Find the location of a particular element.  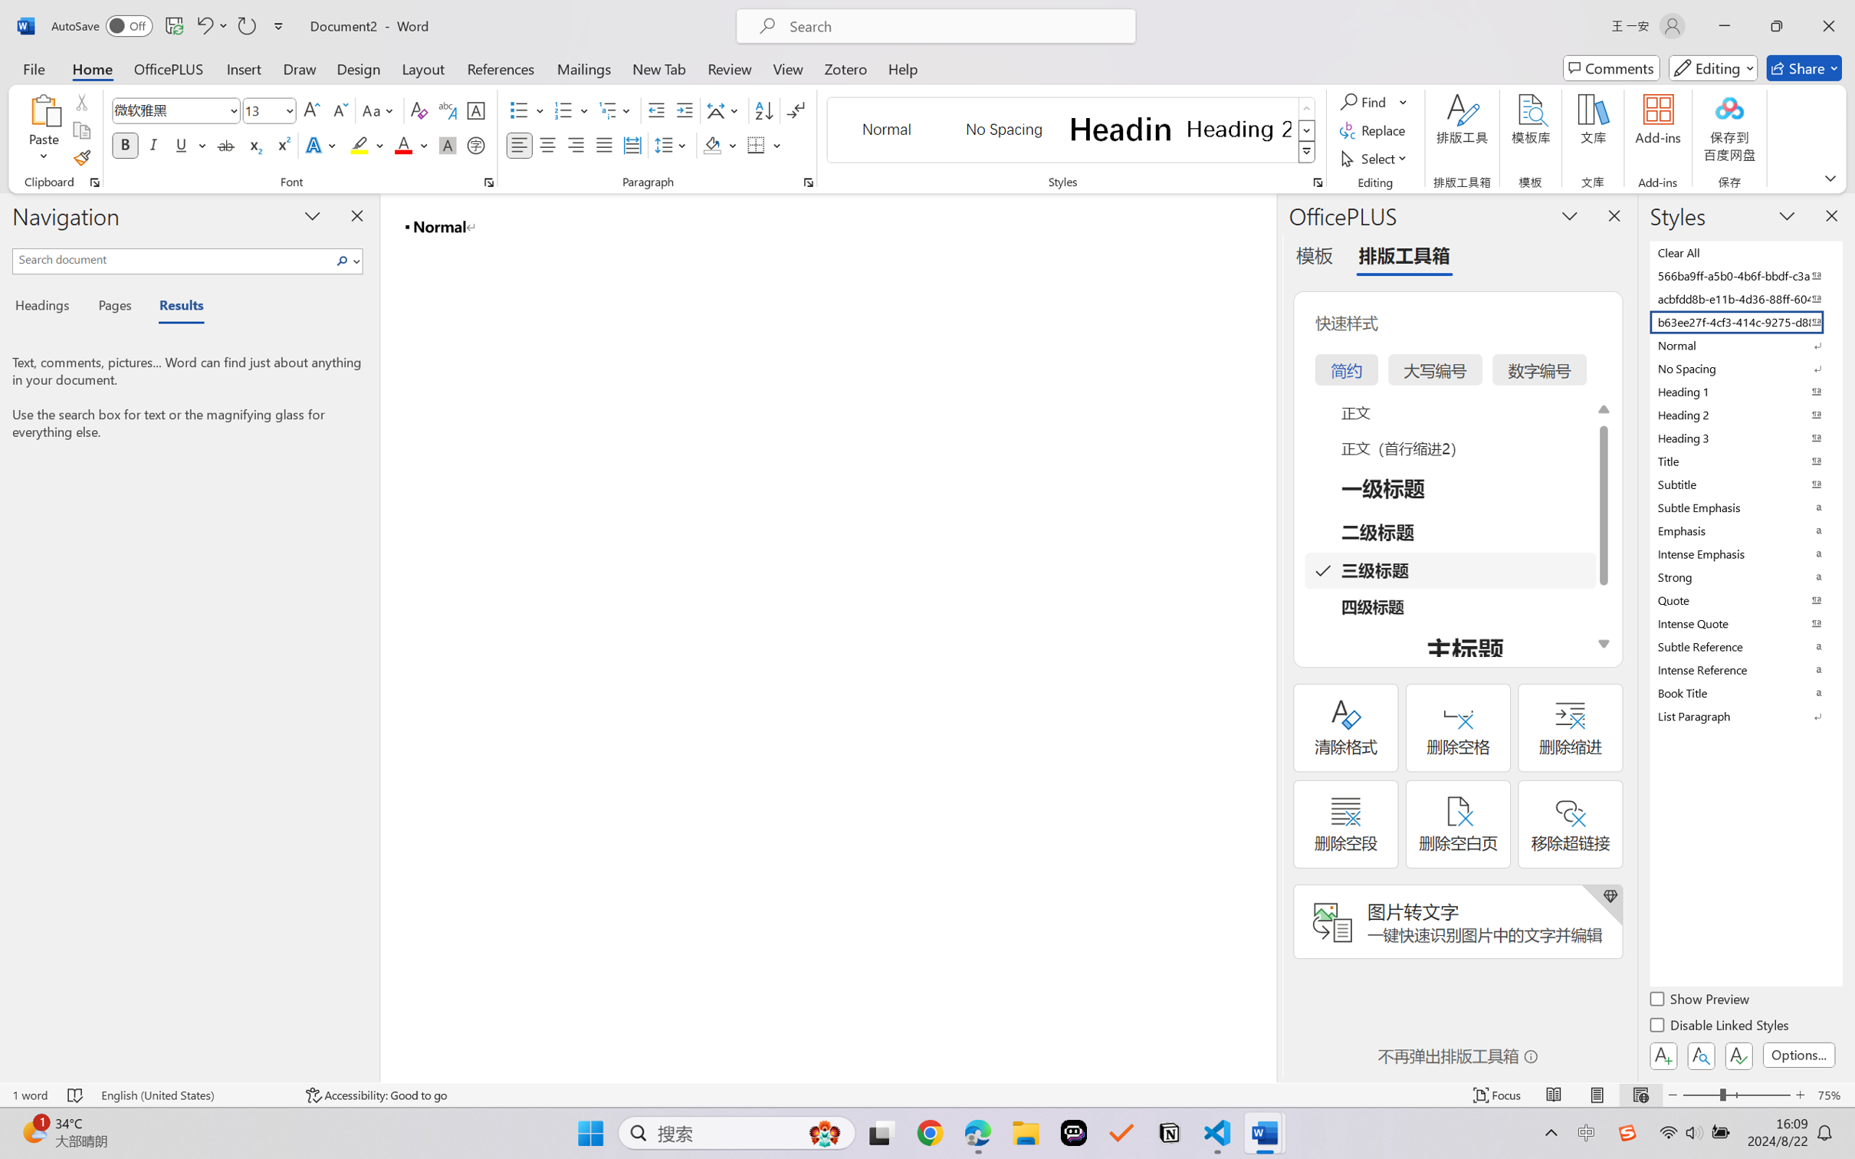

'Text Highlight Color' is located at coordinates (366, 144).